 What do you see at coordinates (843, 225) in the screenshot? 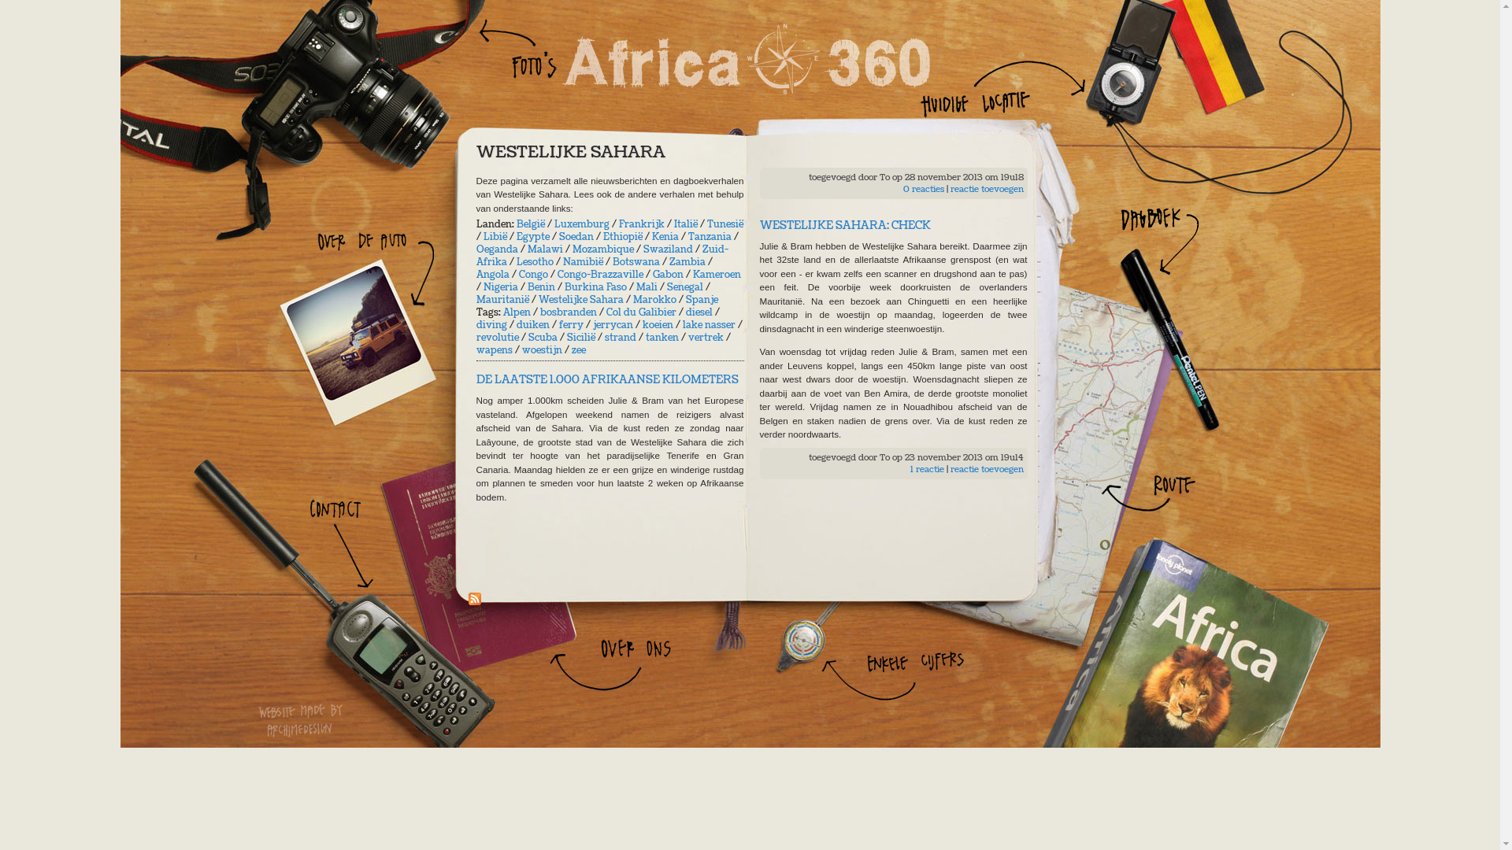
I see `'WESTELIJKE SAHARA: CHECK'` at bounding box center [843, 225].